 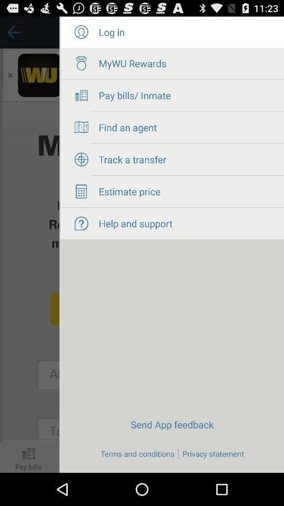 What do you see at coordinates (29, 245) in the screenshot?
I see `go back` at bounding box center [29, 245].